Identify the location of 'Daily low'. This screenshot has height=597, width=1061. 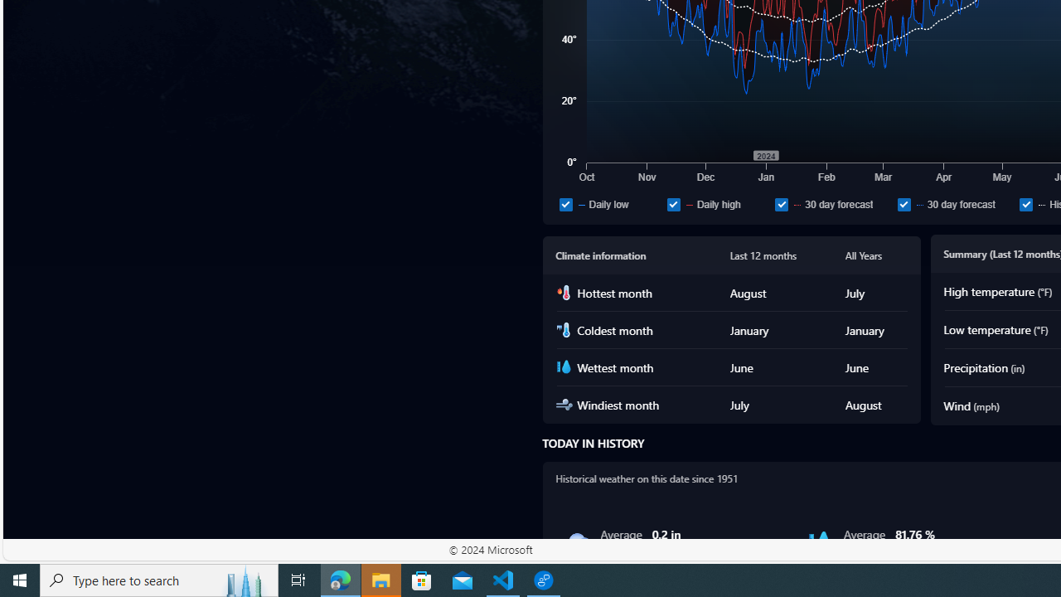
(609, 203).